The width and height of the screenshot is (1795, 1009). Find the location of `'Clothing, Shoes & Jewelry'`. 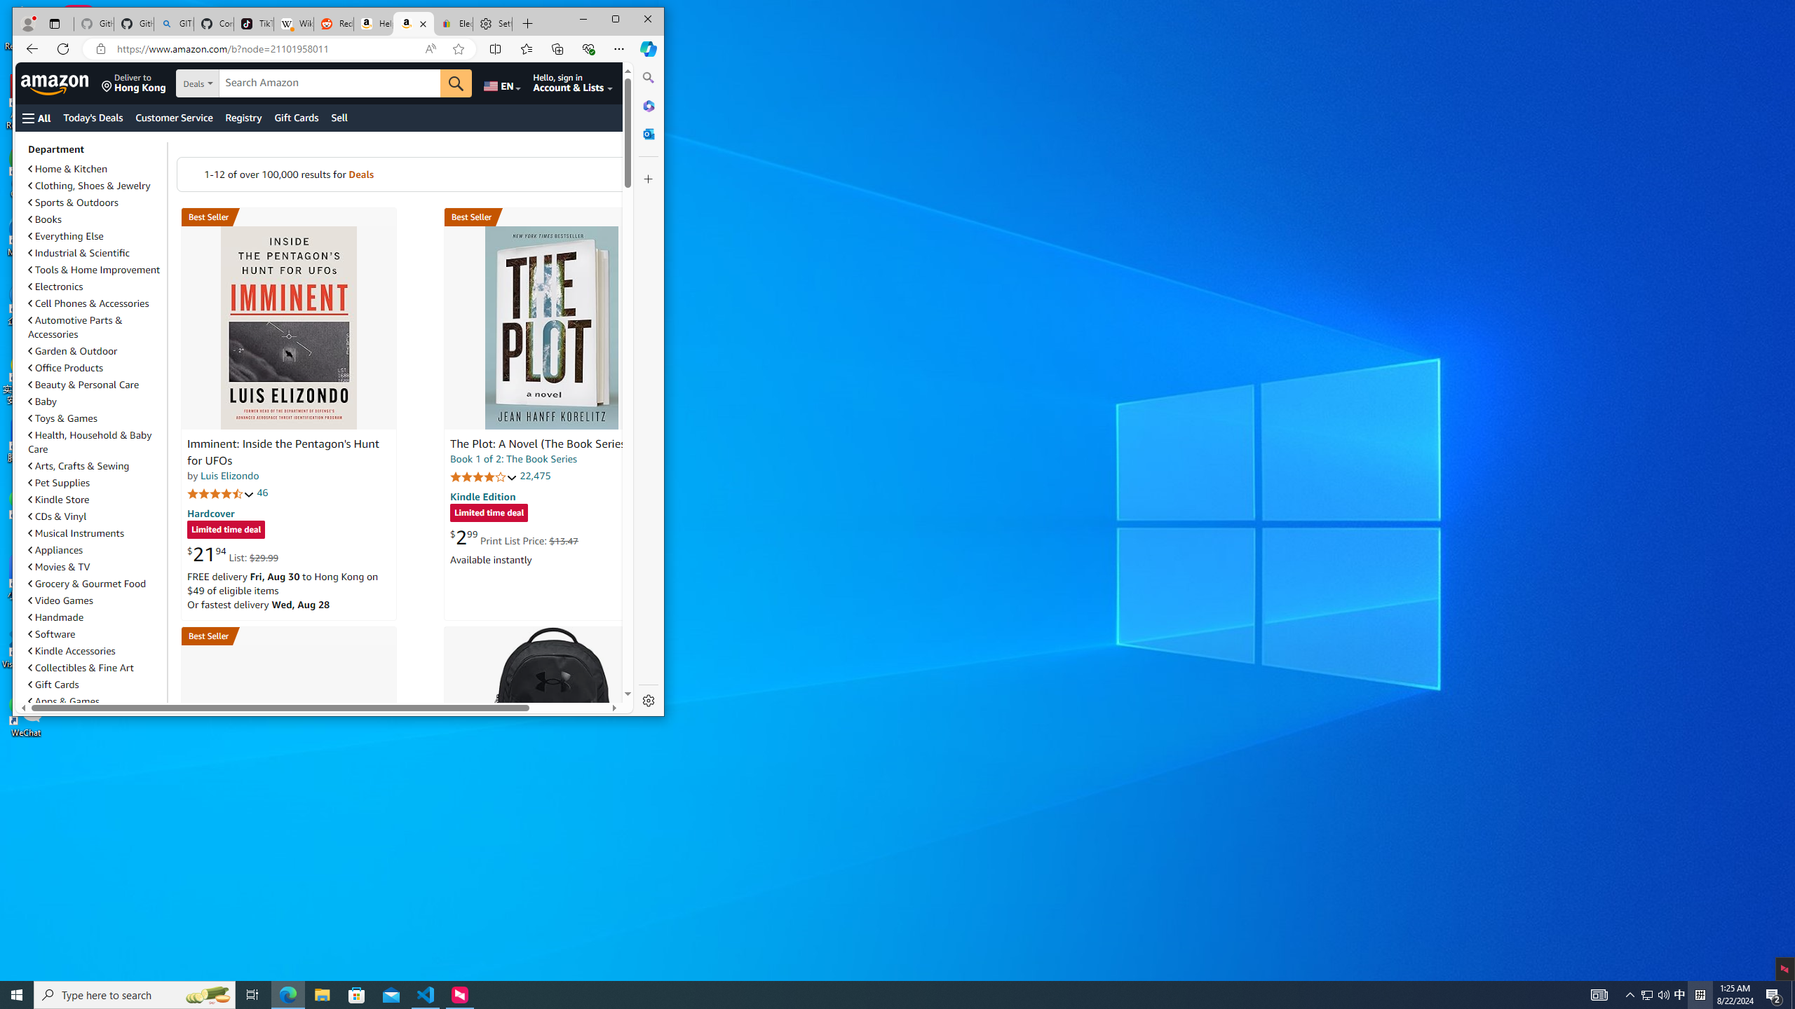

'Clothing, Shoes & Jewelry' is located at coordinates (95, 185).